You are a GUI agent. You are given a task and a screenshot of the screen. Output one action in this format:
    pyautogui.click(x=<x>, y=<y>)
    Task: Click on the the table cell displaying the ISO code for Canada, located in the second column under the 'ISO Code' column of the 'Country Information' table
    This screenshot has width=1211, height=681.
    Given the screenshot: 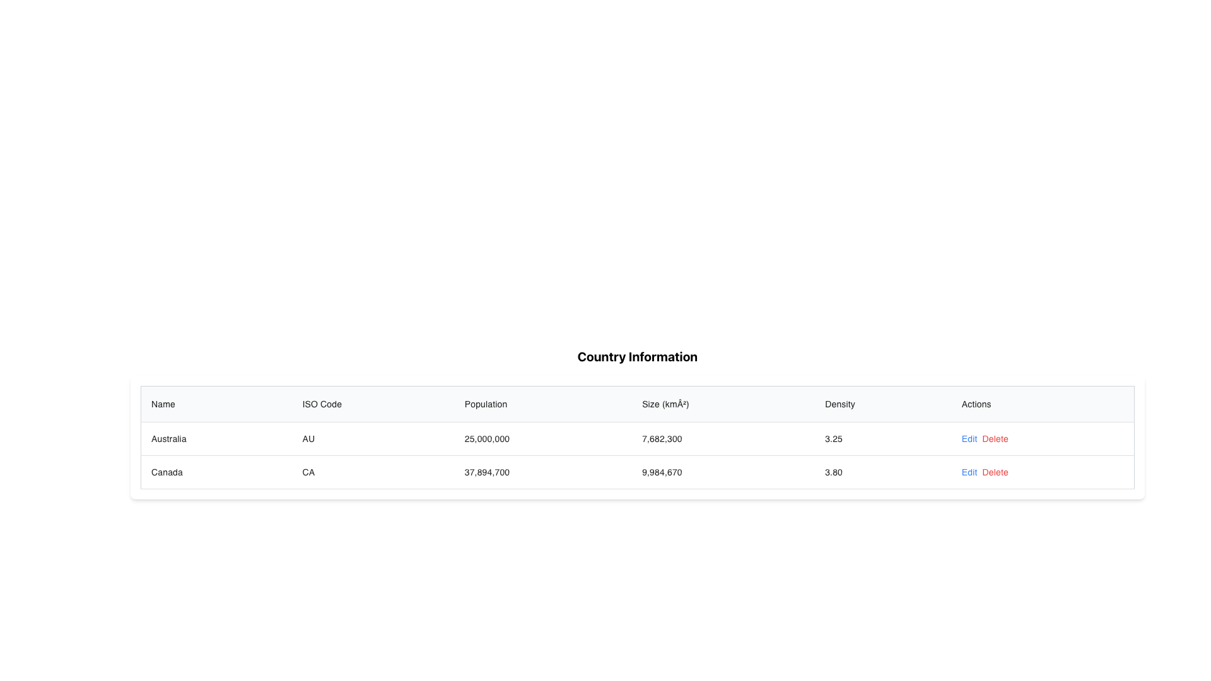 What is the action you would take?
    pyautogui.click(x=373, y=472)
    